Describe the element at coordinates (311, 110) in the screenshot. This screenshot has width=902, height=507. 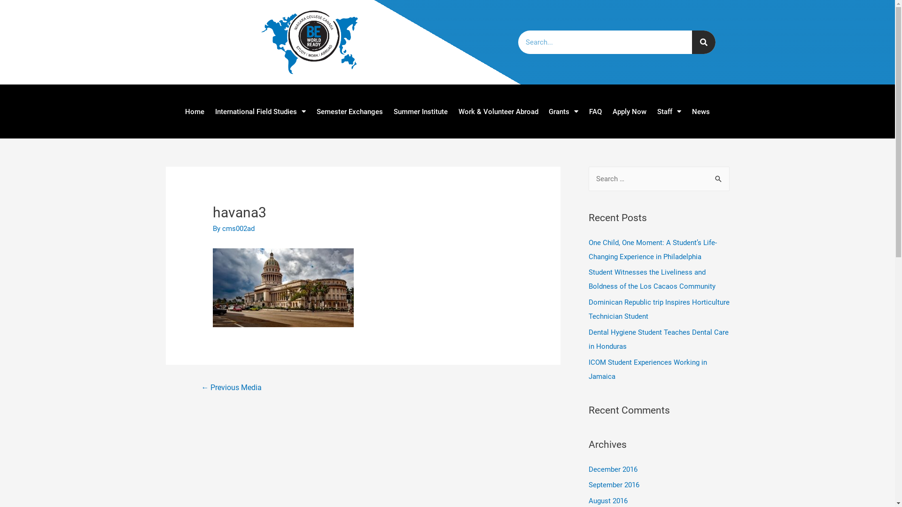
I see `'Semester Exchanges'` at that location.